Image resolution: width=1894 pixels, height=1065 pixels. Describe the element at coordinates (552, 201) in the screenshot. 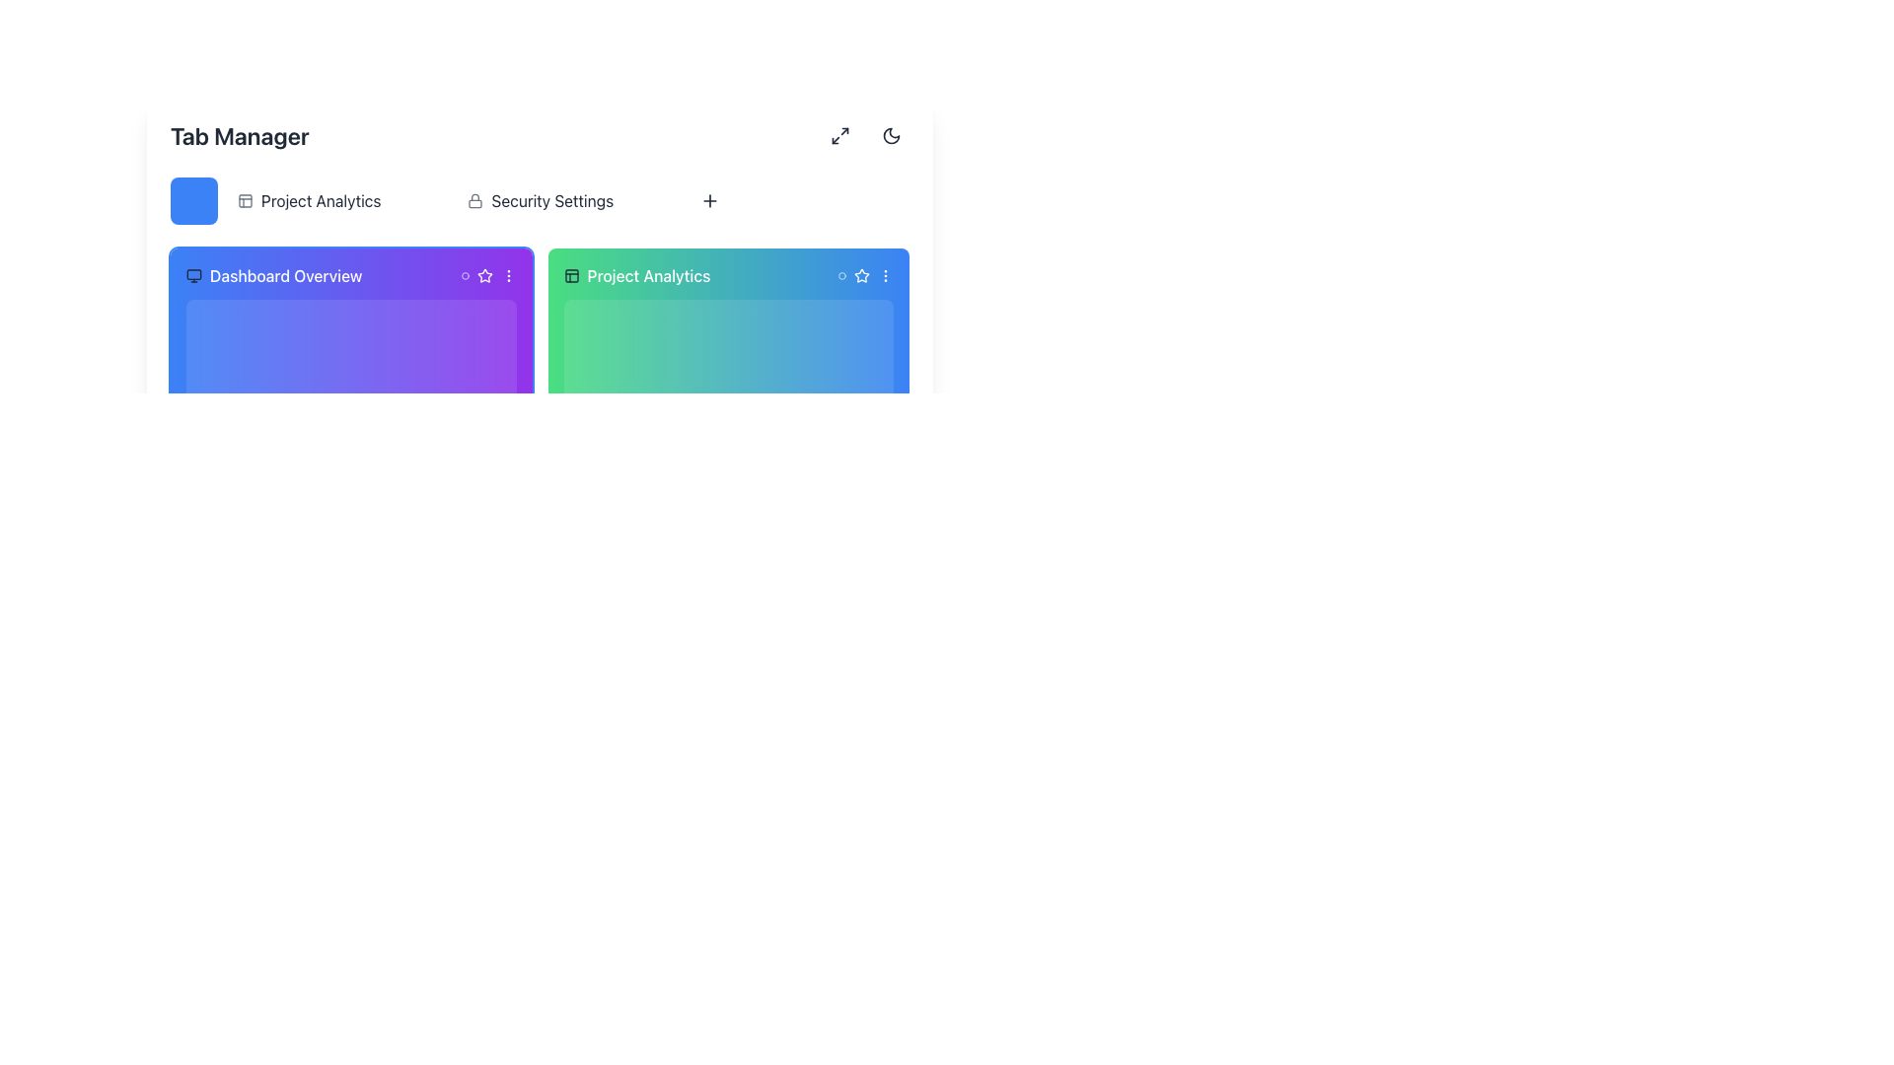

I see `the 'Security Settings' text label, which is styled in a standard sans-serif font and located in the top-right section of the interface` at that location.